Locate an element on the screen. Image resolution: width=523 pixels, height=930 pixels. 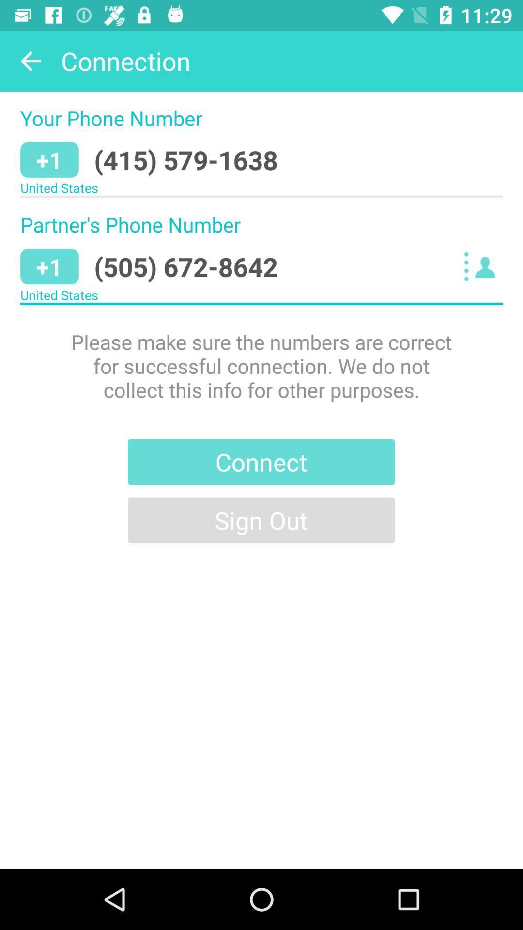
item next to the (505) 672-8642 item is located at coordinates (482, 266).